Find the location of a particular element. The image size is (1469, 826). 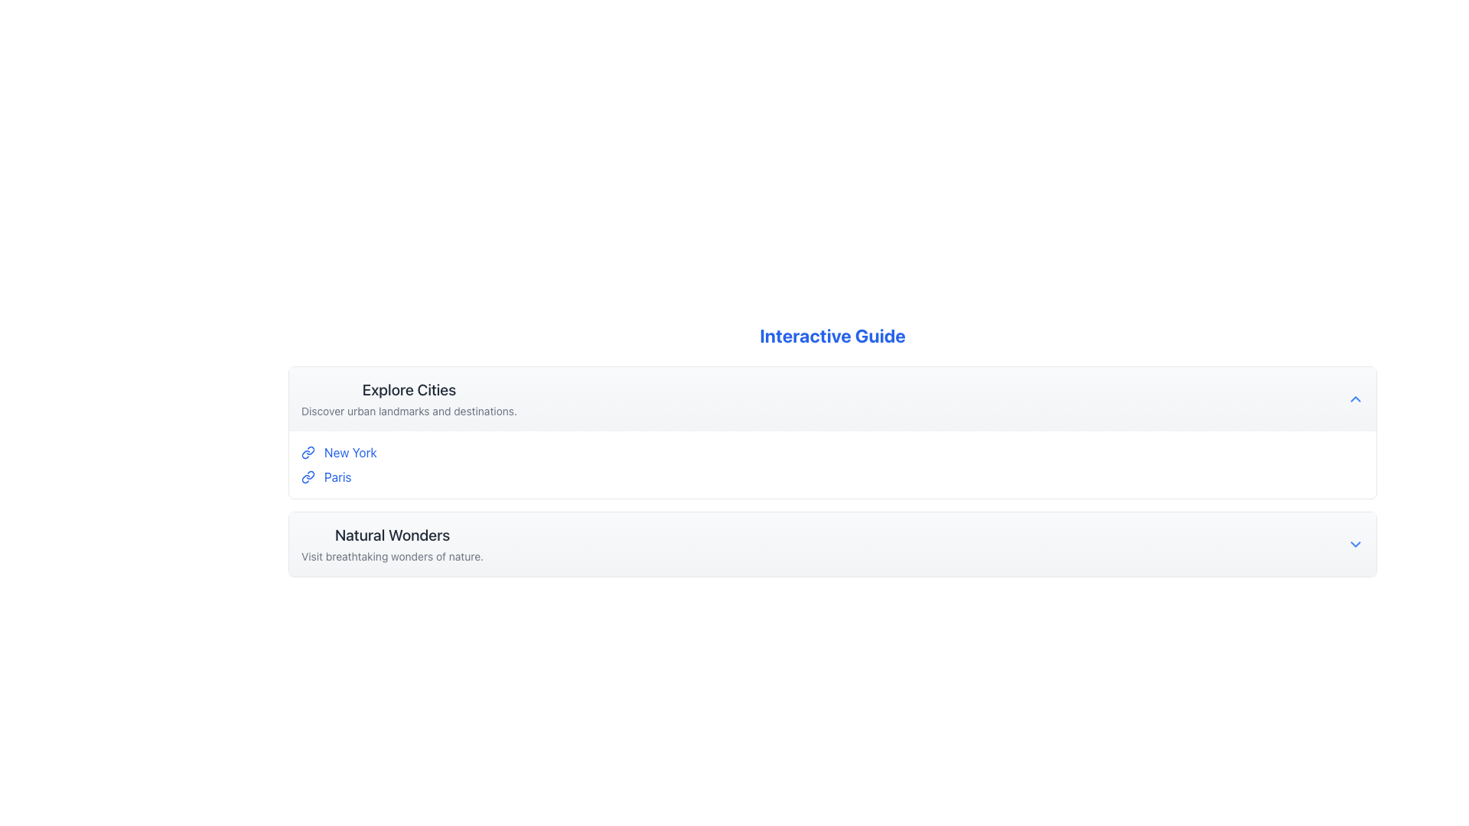

the chevron-up icon button with a blue stroke located at the top right corner of the 'Explore Cities' card is located at coordinates (1355, 398).